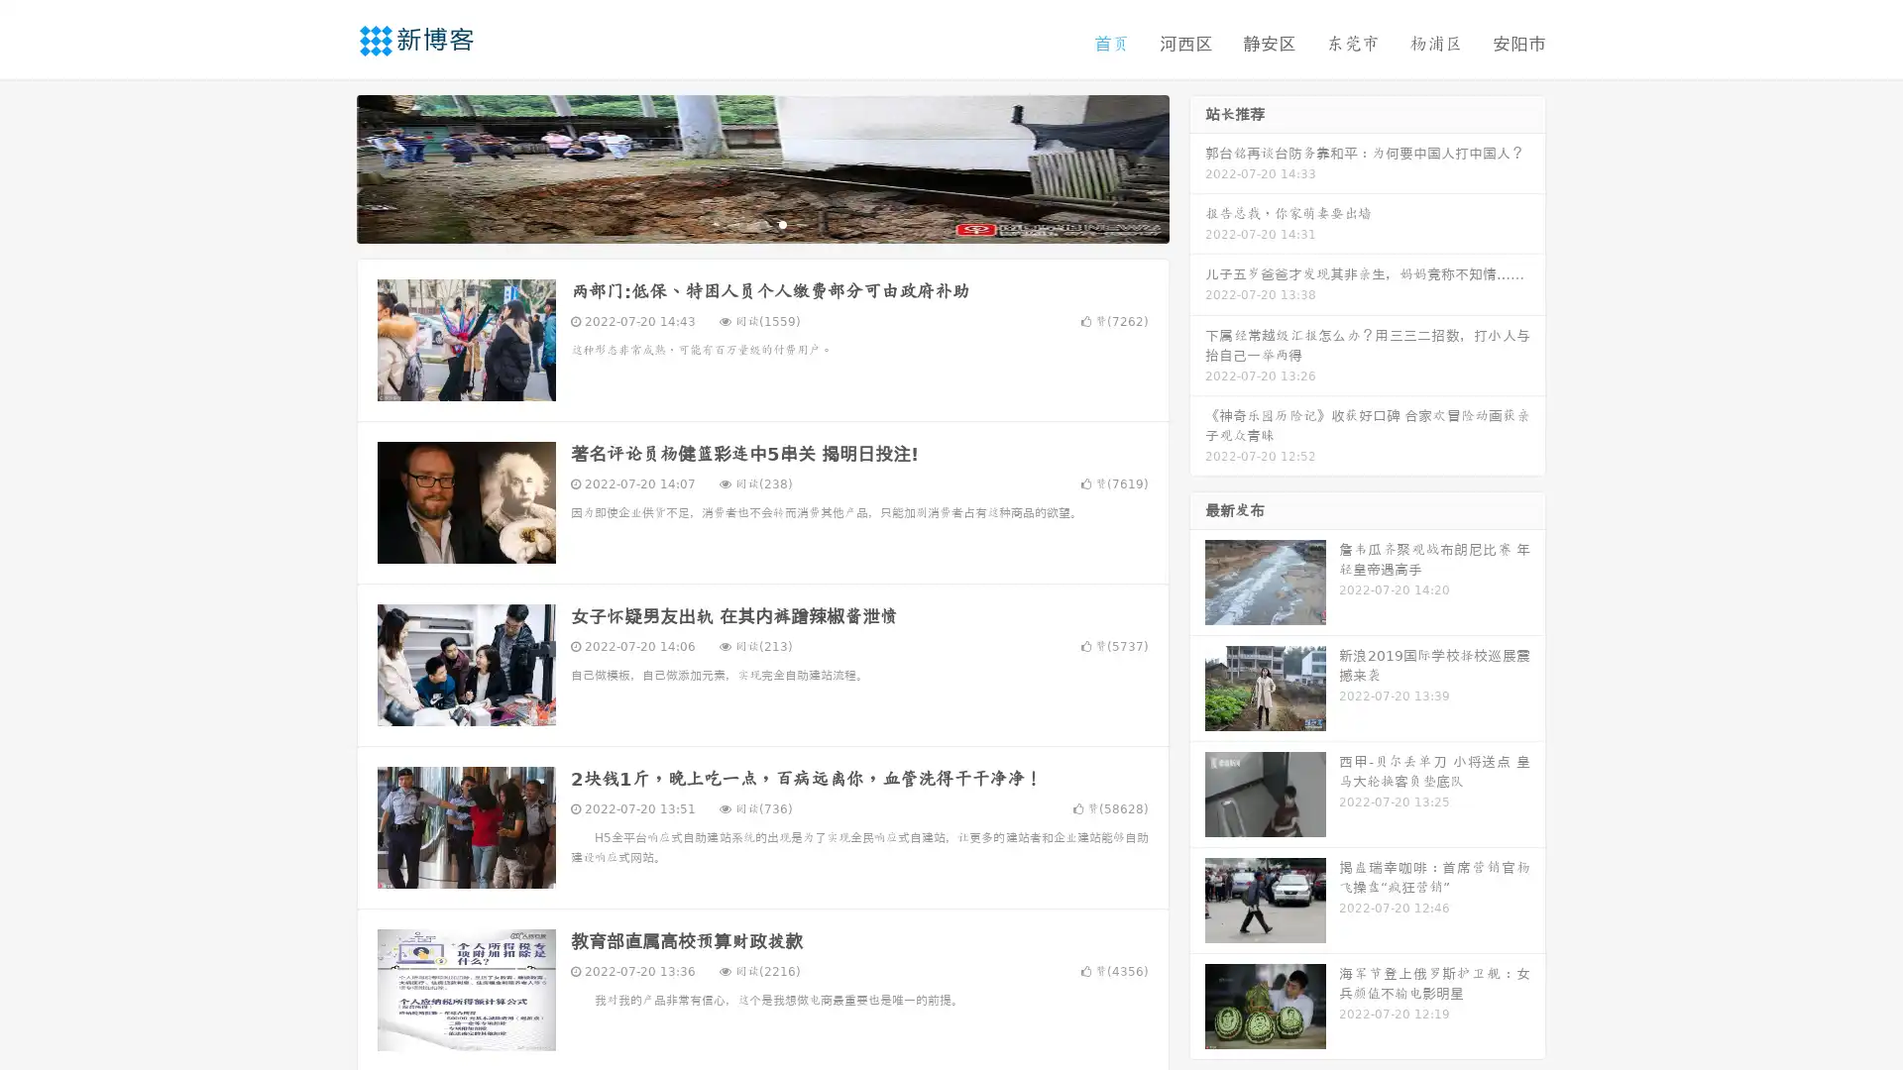  Describe the element at coordinates (782, 223) in the screenshot. I see `Go to slide 3` at that location.